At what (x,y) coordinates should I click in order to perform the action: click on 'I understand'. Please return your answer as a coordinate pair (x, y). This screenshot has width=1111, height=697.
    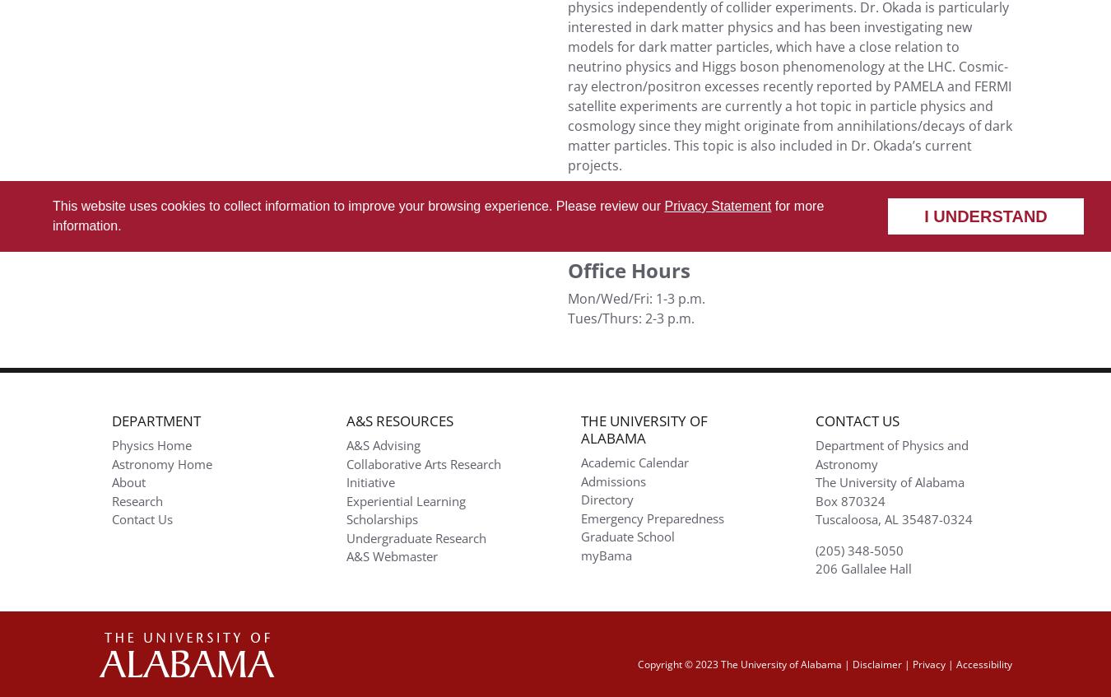
    Looking at the image, I should click on (924, 215).